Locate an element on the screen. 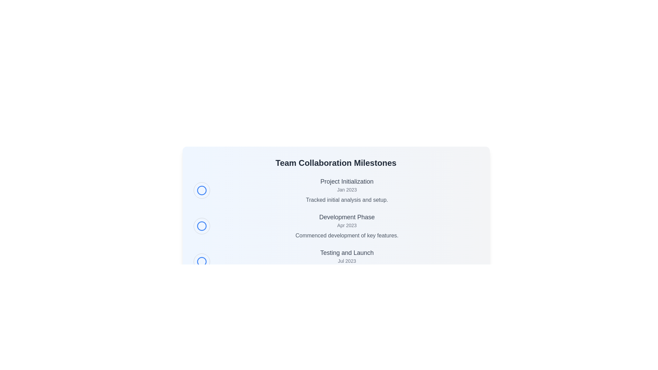  date displayed under the 'Development Phase' text in the milestones tracker is located at coordinates (347, 225).